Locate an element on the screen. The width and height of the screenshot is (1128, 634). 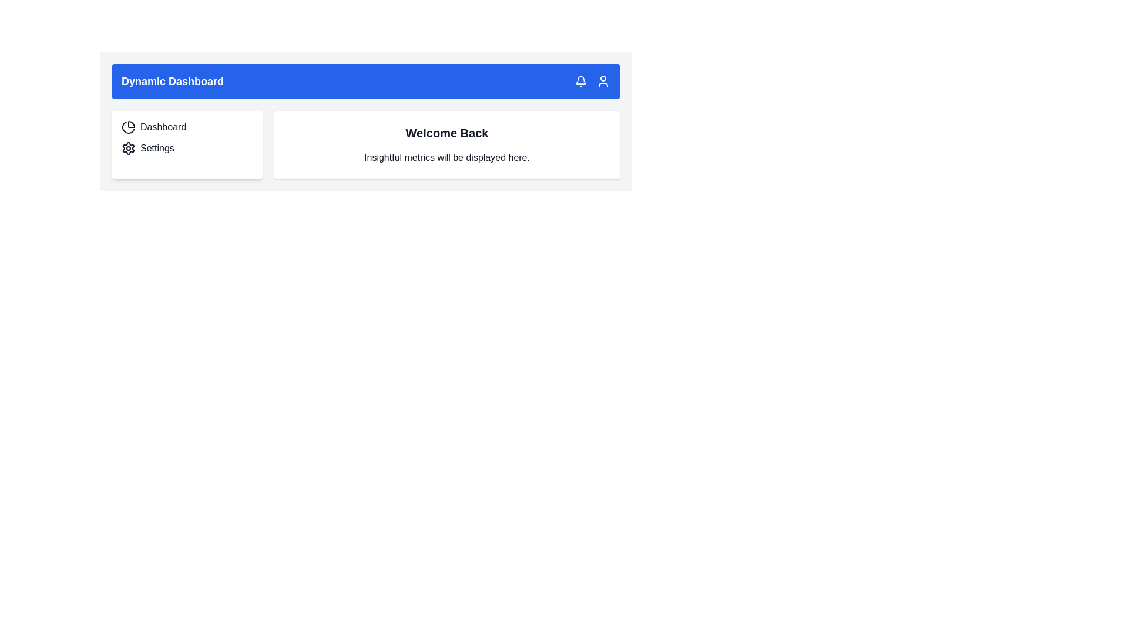
the gear-shaped settings icon located in the navigation panel is located at coordinates (129, 148).